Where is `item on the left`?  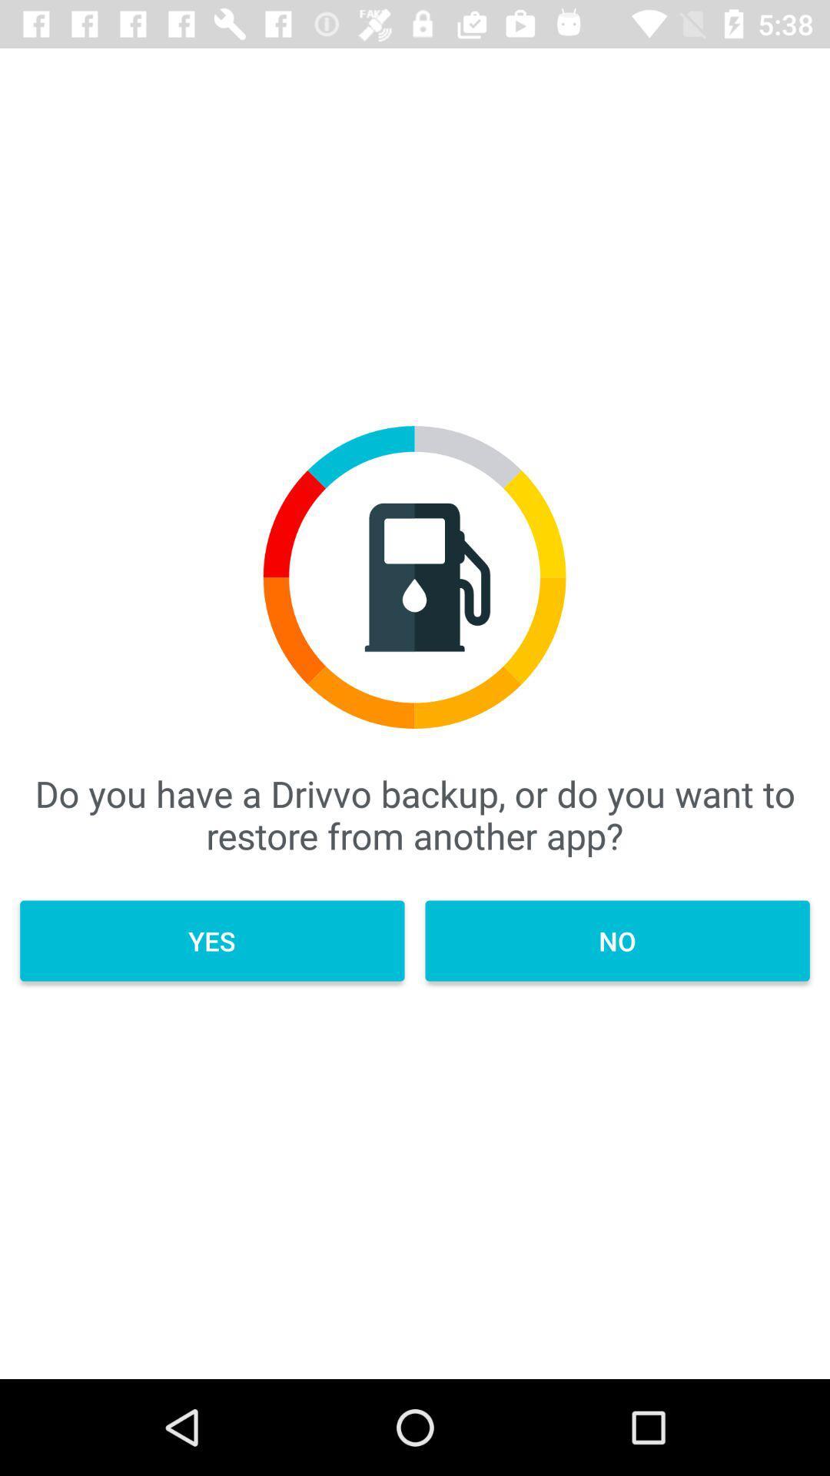 item on the left is located at coordinates (212, 940).